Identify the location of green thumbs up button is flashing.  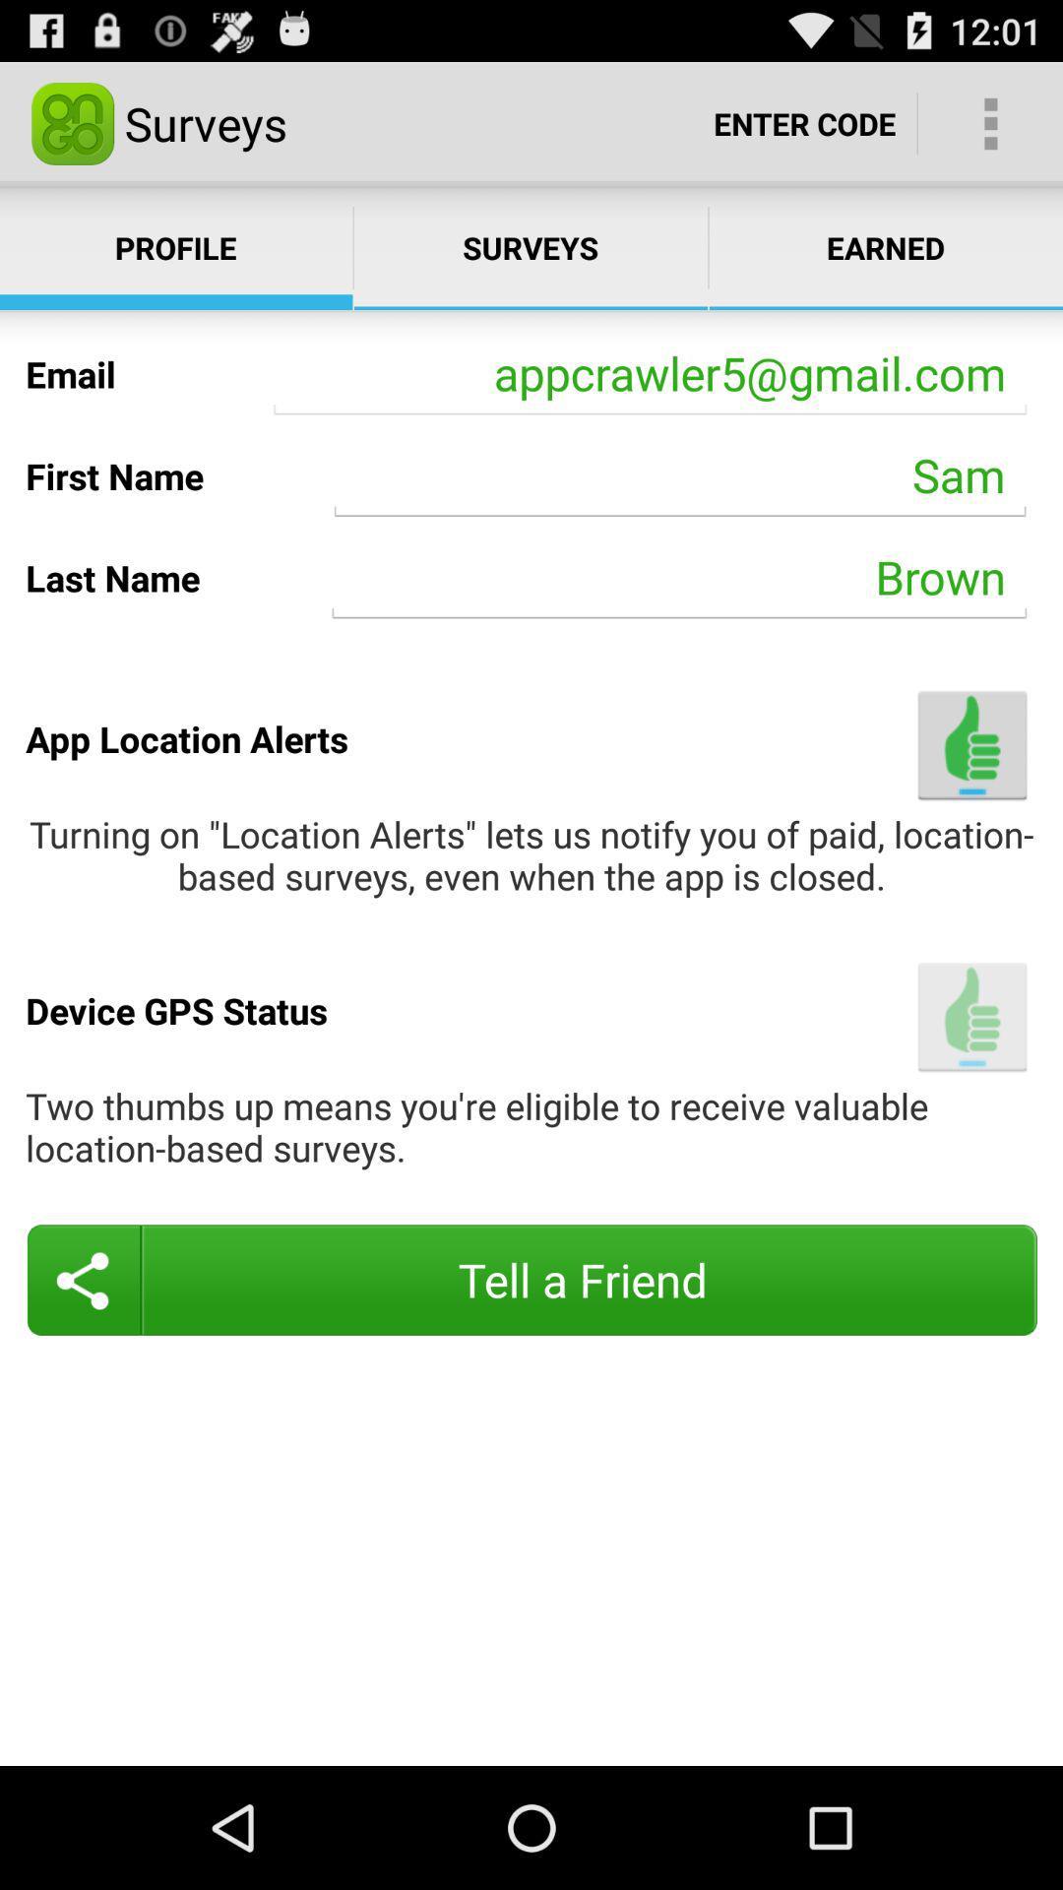
(971, 1017).